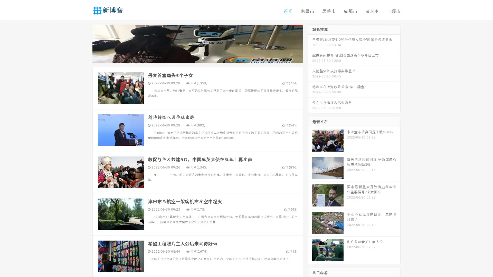  What do you see at coordinates (203, 58) in the screenshot?
I see `Go to slide 3` at bounding box center [203, 58].